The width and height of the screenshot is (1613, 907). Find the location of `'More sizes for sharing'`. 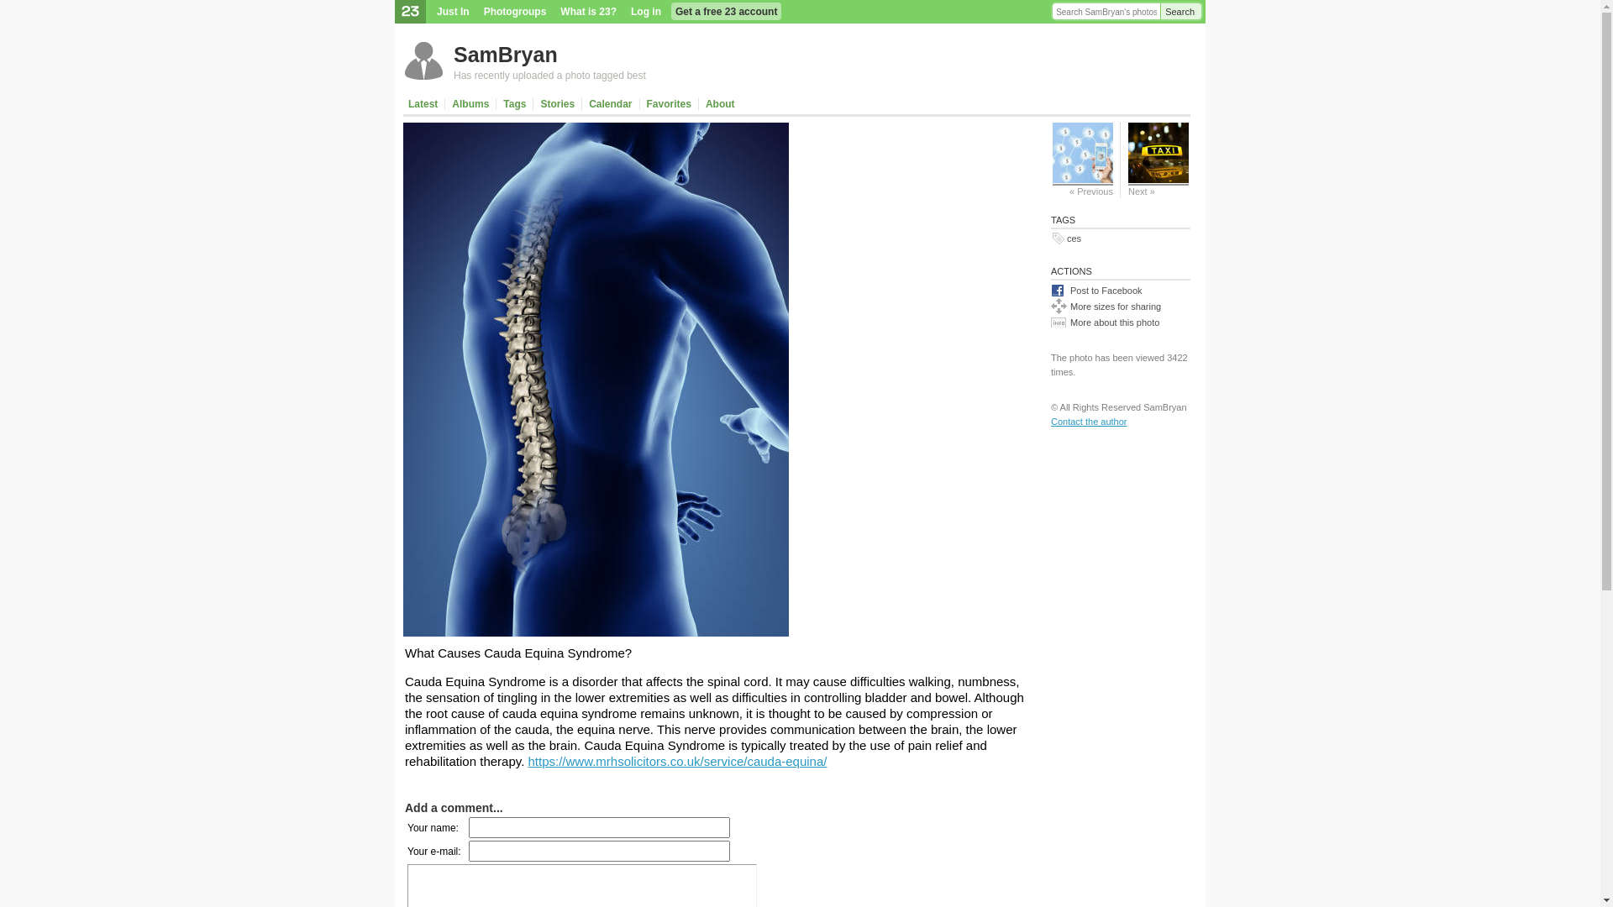

'More sizes for sharing' is located at coordinates (1050, 306).